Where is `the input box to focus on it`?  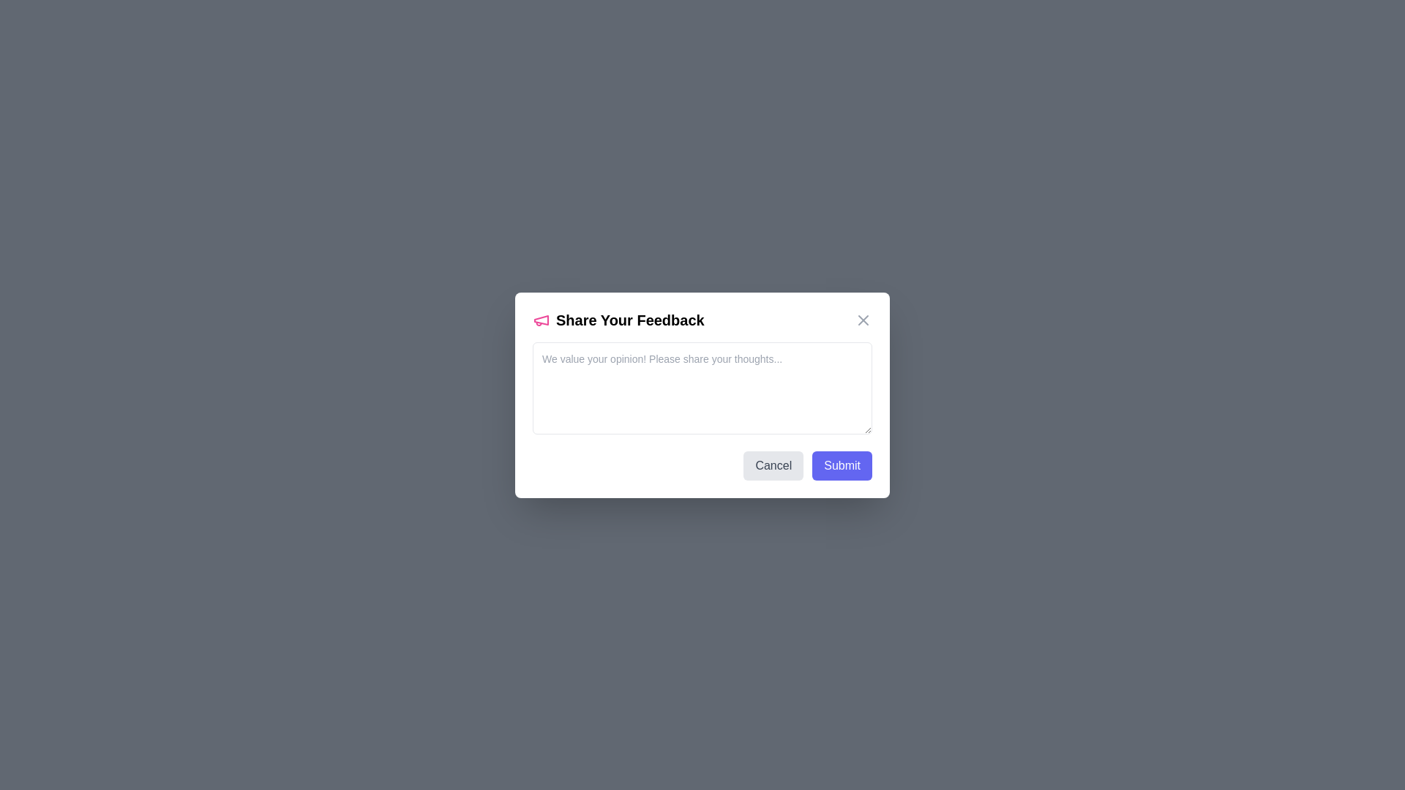
the input box to focus on it is located at coordinates (702, 387).